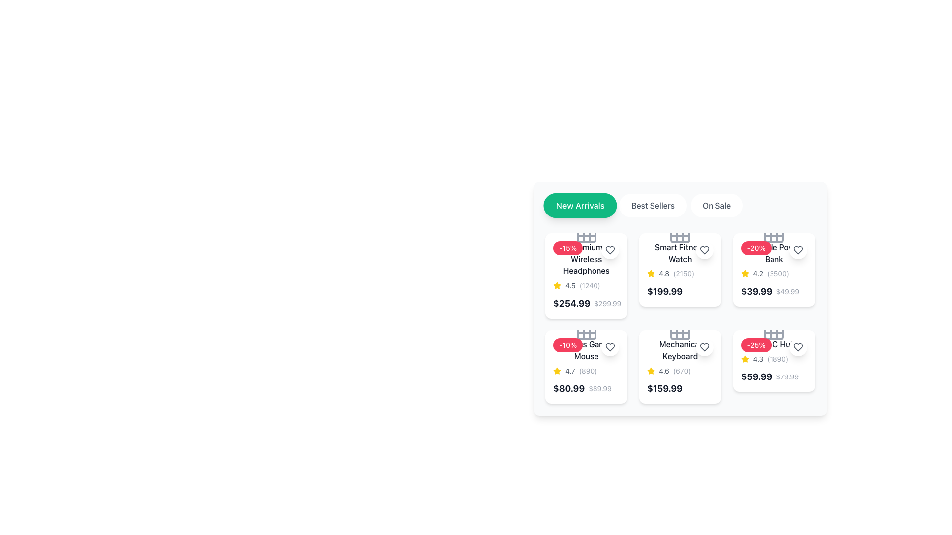 The width and height of the screenshot is (952, 535). What do you see at coordinates (745, 359) in the screenshot?
I see `the star icon representing the product rating, located in the bottom-right grid item of the product listing section` at bounding box center [745, 359].